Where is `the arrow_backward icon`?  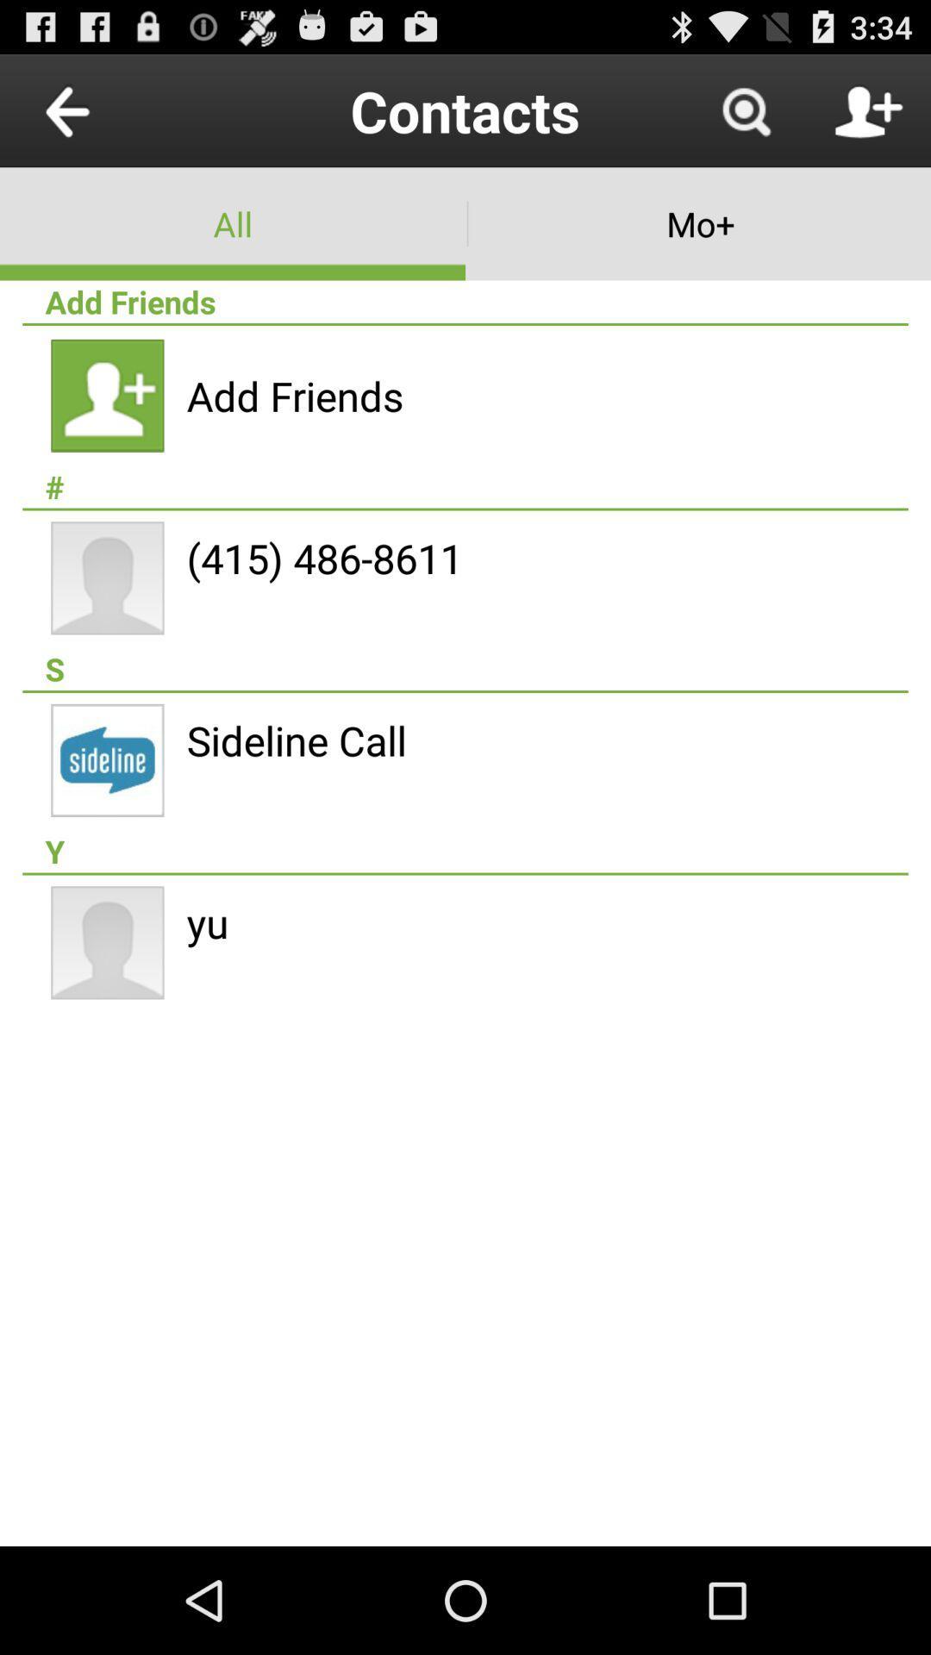
the arrow_backward icon is located at coordinates (107, 117).